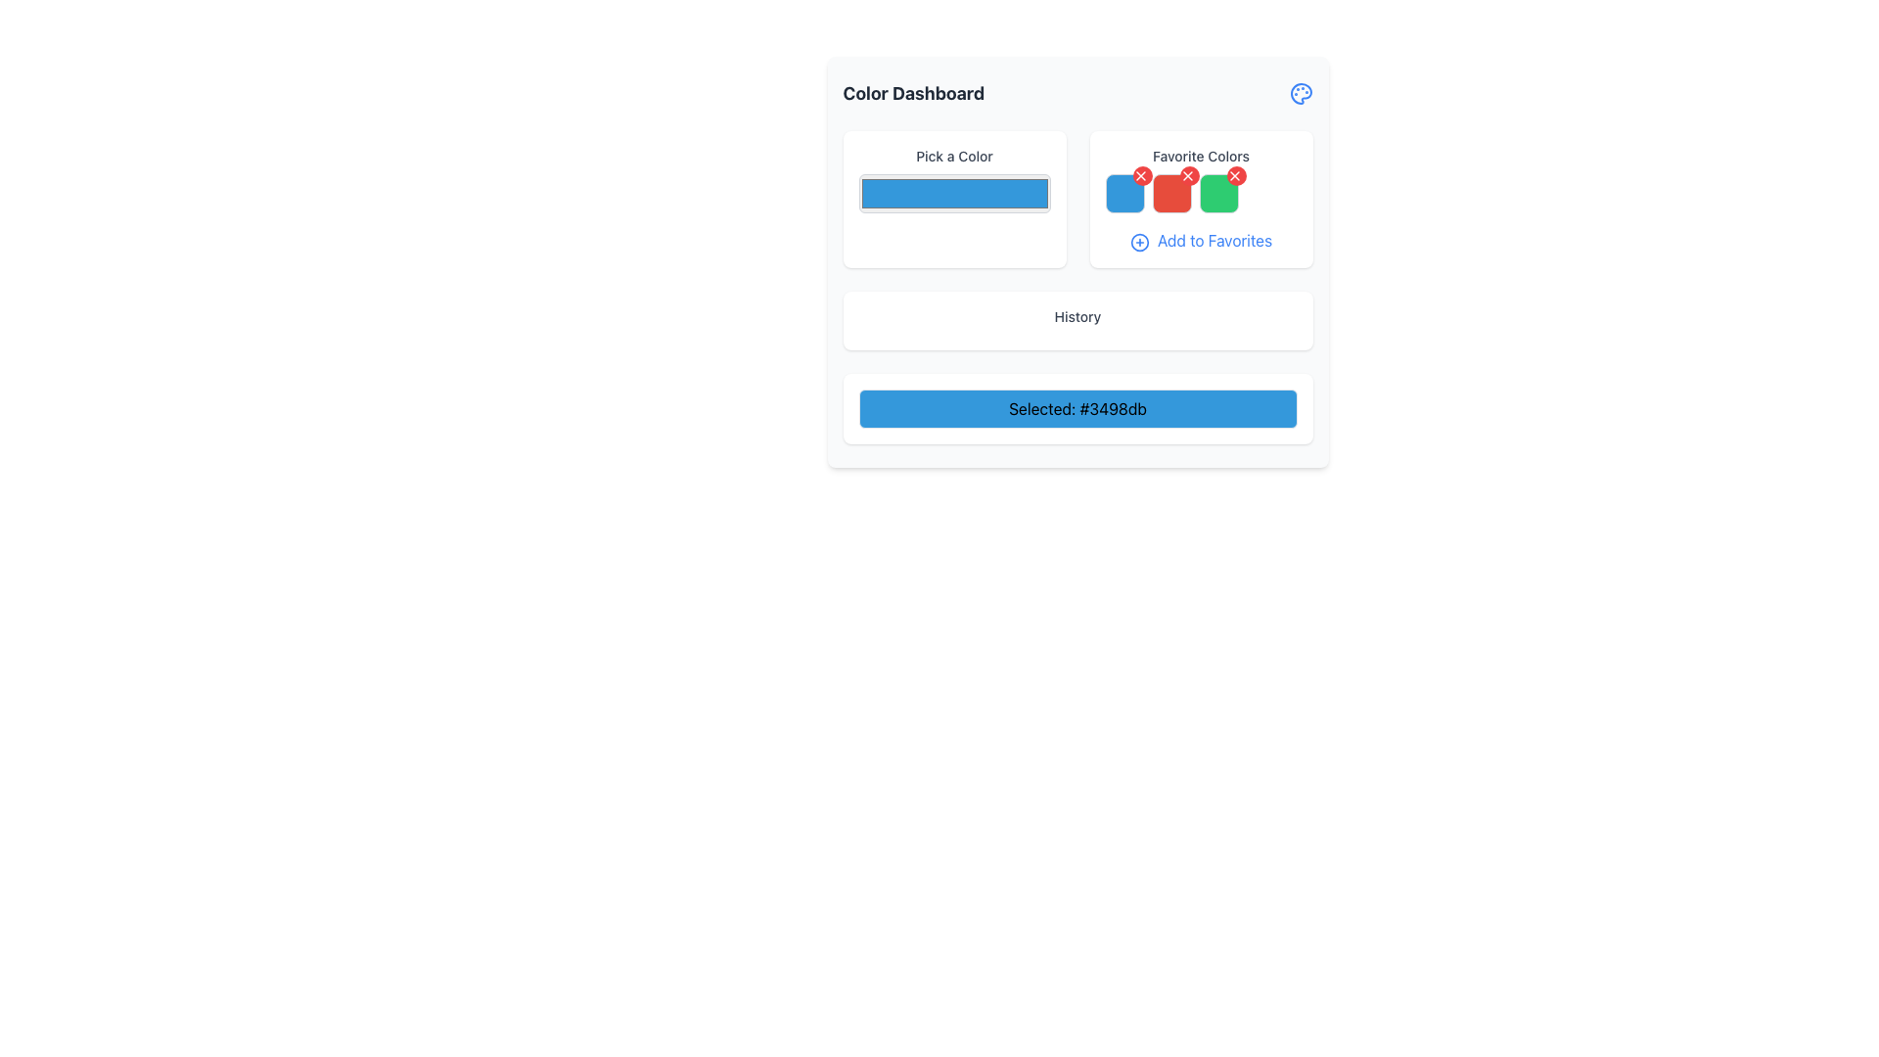 Image resolution: width=1879 pixels, height=1057 pixels. What do you see at coordinates (1077, 407) in the screenshot?
I see `the Informational Label with a blue background and text 'Selected: #3498db' located in the 'Color Dashboard' section under the 'History' label` at bounding box center [1077, 407].